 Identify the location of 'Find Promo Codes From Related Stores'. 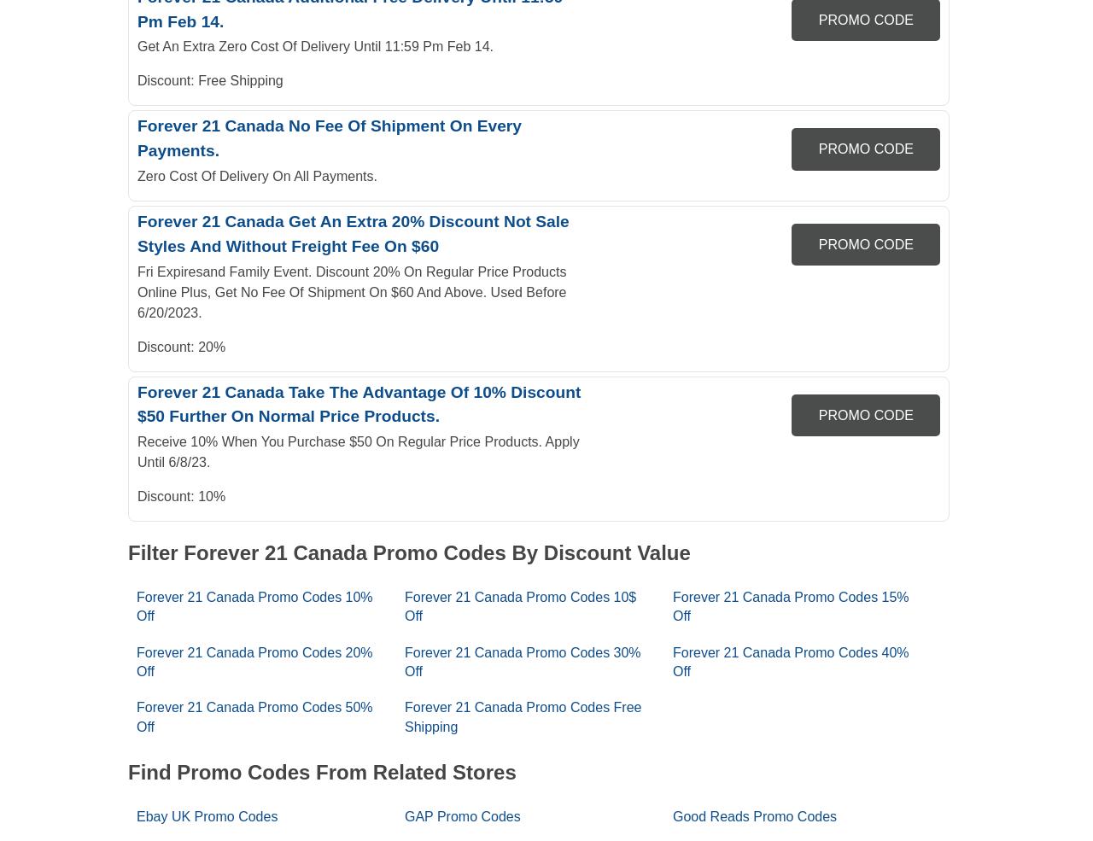
(321, 772).